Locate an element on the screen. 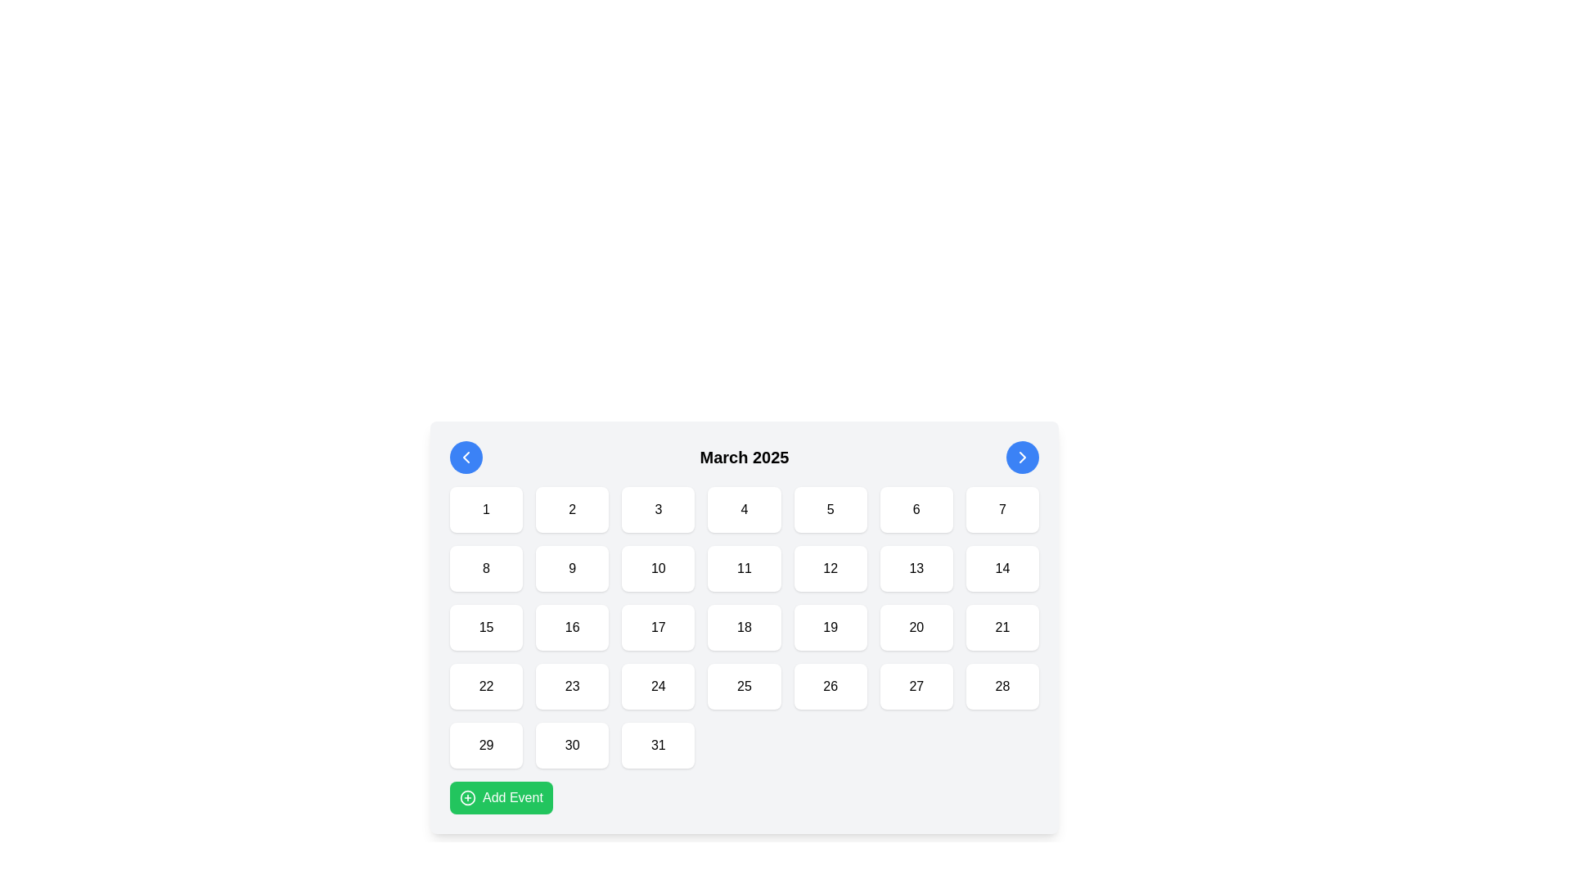  the '+' icon within the 'Add Event' button, which is a circular outline with a green background located at the bottom left of the page is located at coordinates (466, 797).